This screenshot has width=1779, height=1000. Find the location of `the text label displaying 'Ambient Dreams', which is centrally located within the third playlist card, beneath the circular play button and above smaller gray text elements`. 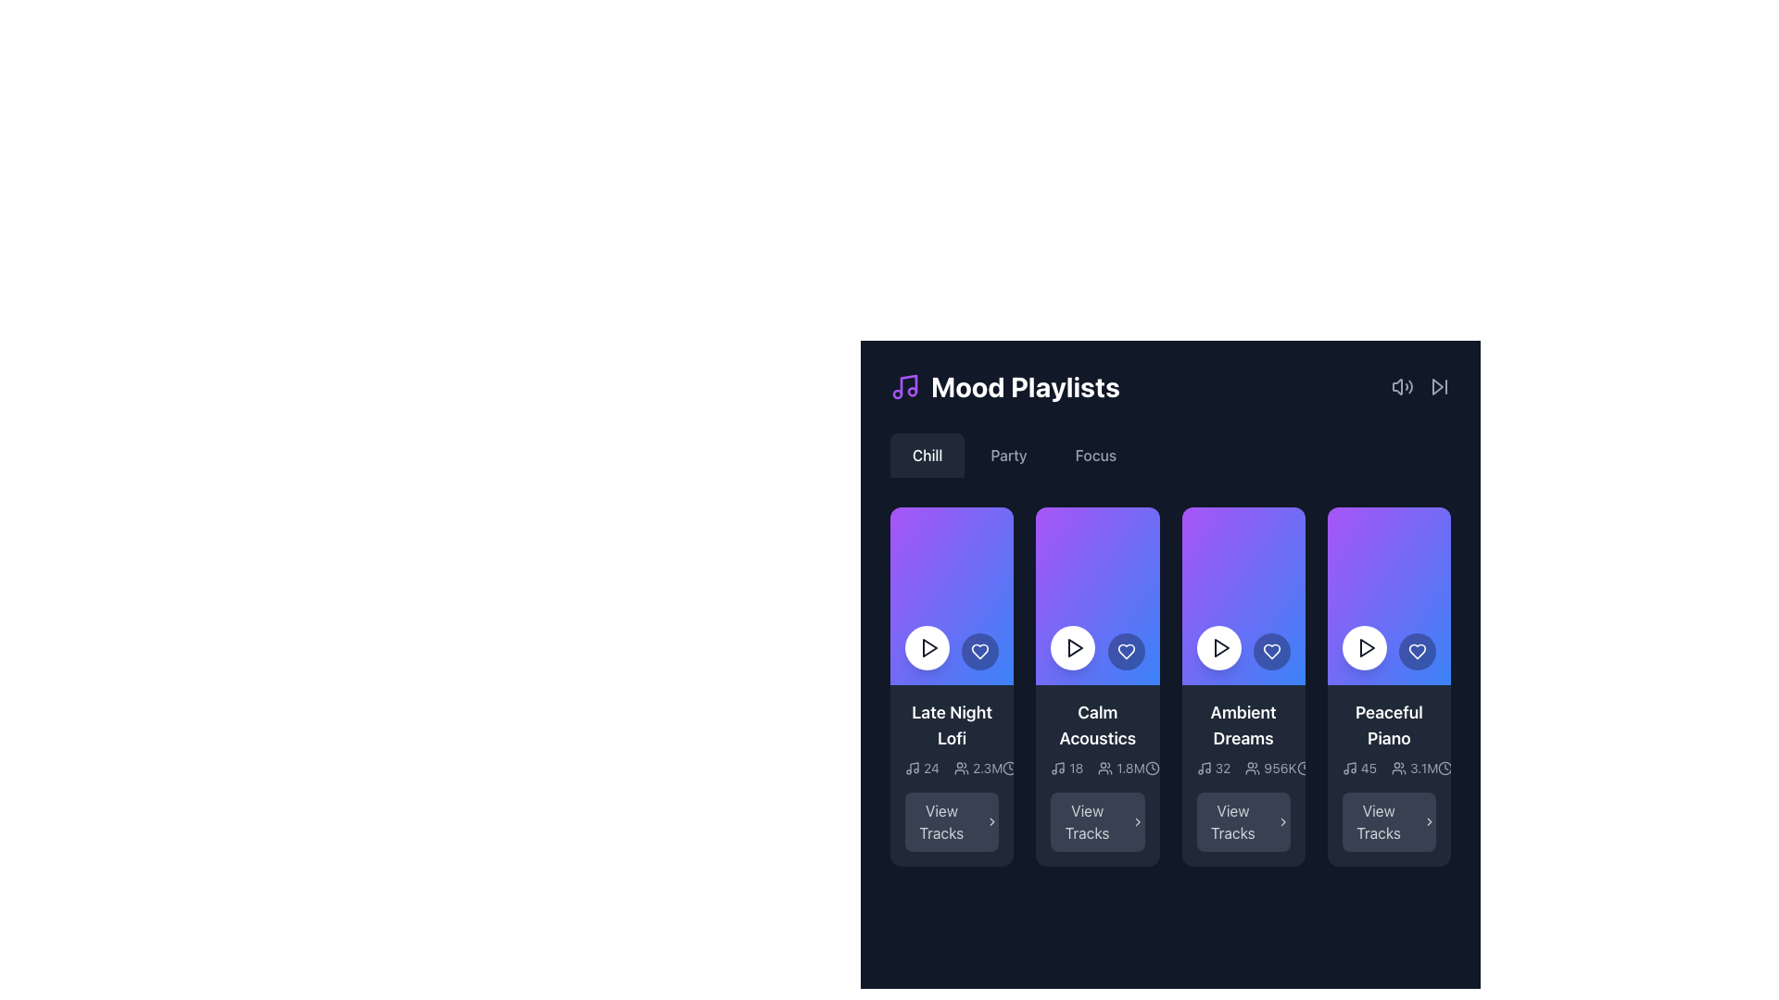

the text label displaying 'Ambient Dreams', which is centrally located within the third playlist card, beneath the circular play button and above smaller gray text elements is located at coordinates (1243, 724).